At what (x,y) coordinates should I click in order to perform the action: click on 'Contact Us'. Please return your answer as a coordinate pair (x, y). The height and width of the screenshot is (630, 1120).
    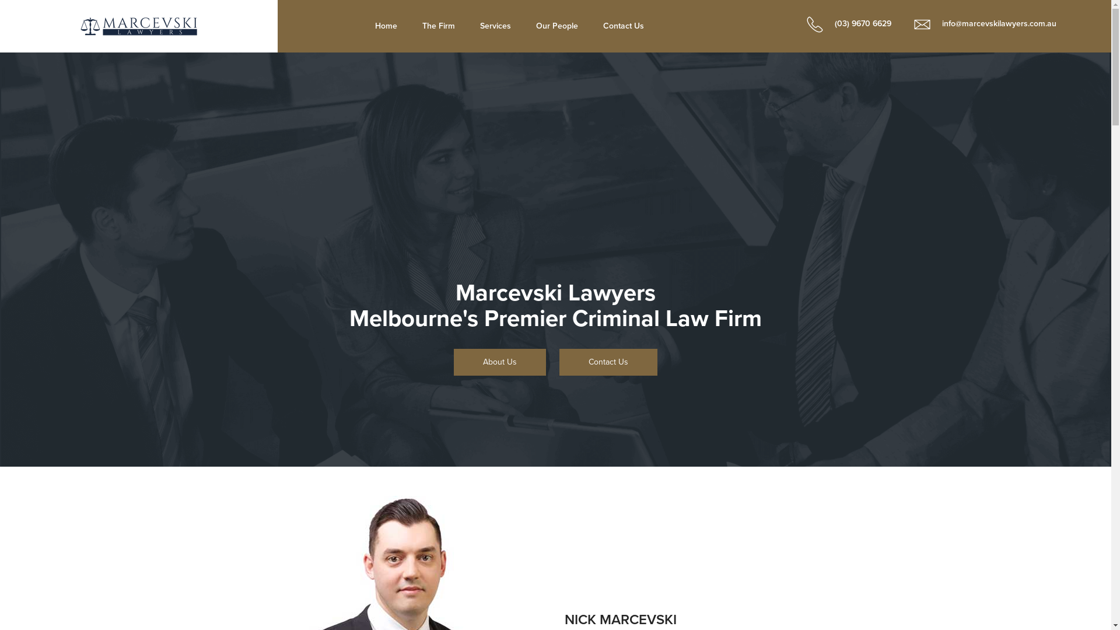
    Looking at the image, I should click on (607, 362).